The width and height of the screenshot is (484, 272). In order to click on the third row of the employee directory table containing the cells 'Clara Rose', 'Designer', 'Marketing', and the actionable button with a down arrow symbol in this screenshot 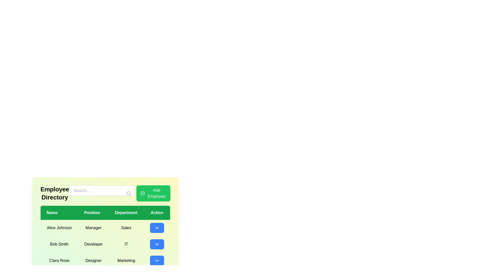, I will do `click(105, 260)`.